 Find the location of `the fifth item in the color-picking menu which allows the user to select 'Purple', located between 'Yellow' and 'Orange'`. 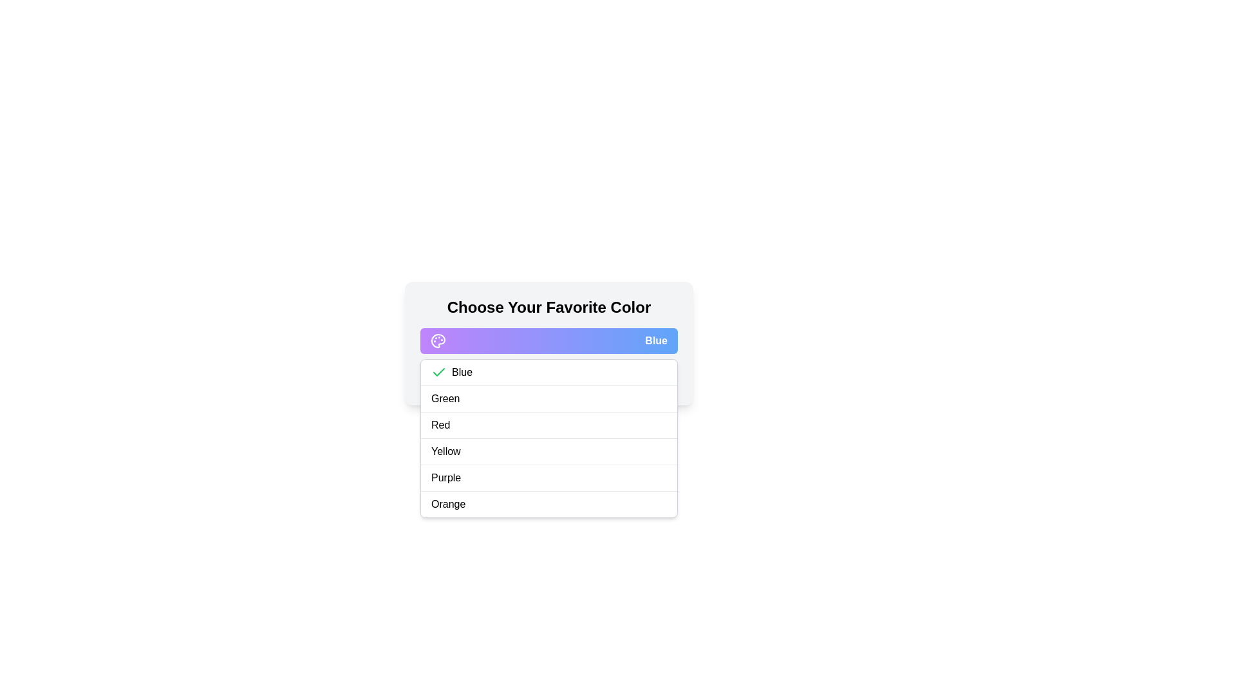

the fifth item in the color-picking menu which allows the user to select 'Purple', located between 'Yellow' and 'Orange' is located at coordinates (549, 478).